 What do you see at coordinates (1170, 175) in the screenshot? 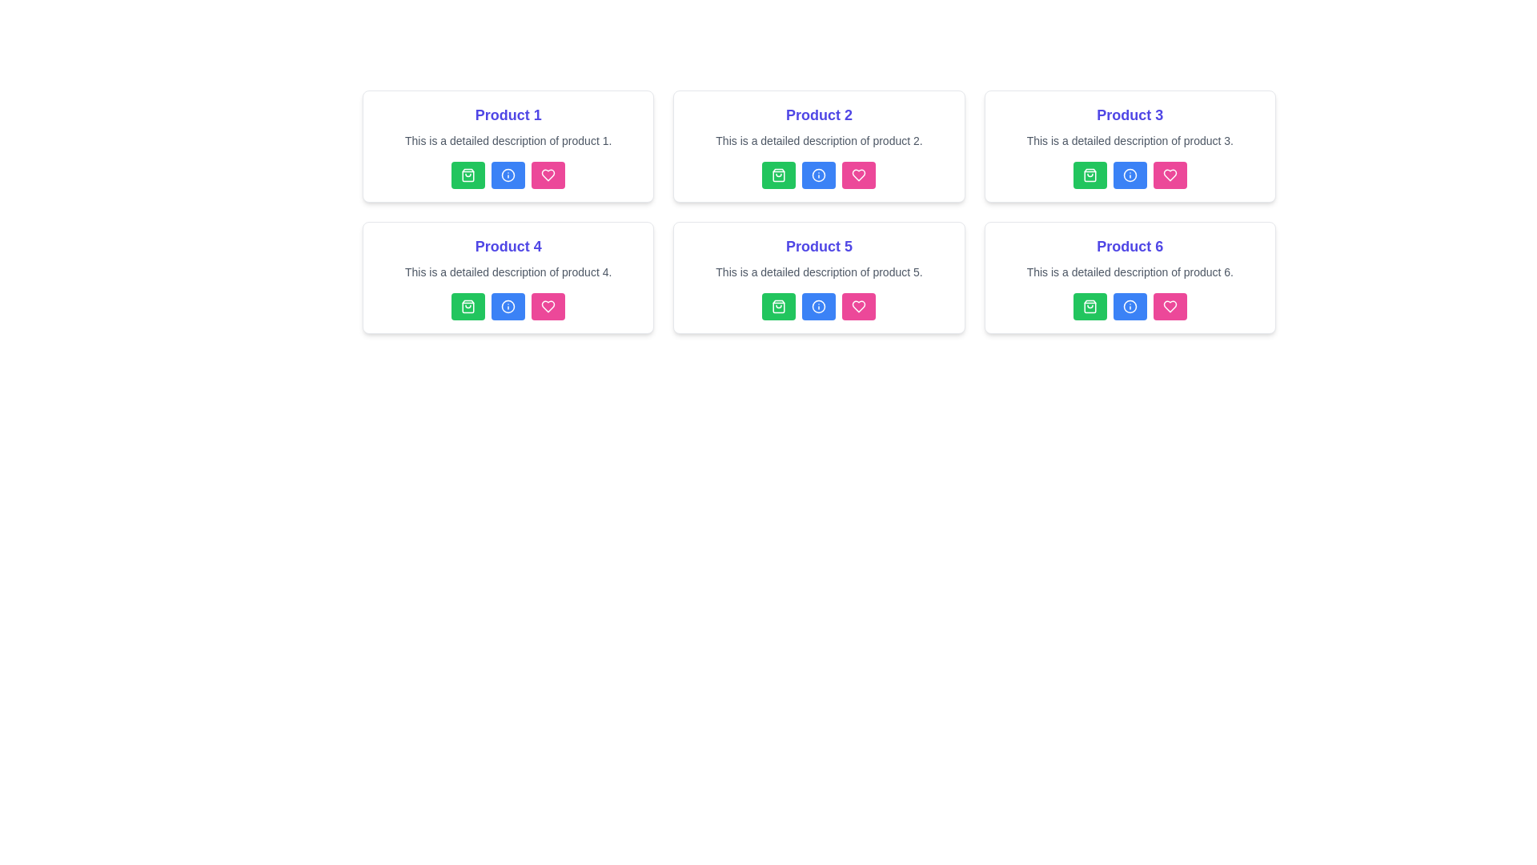
I see `the pink button with a white heart icon, which is the last button in the group below 'Product 3' in the third card, to favorite the product` at bounding box center [1170, 175].